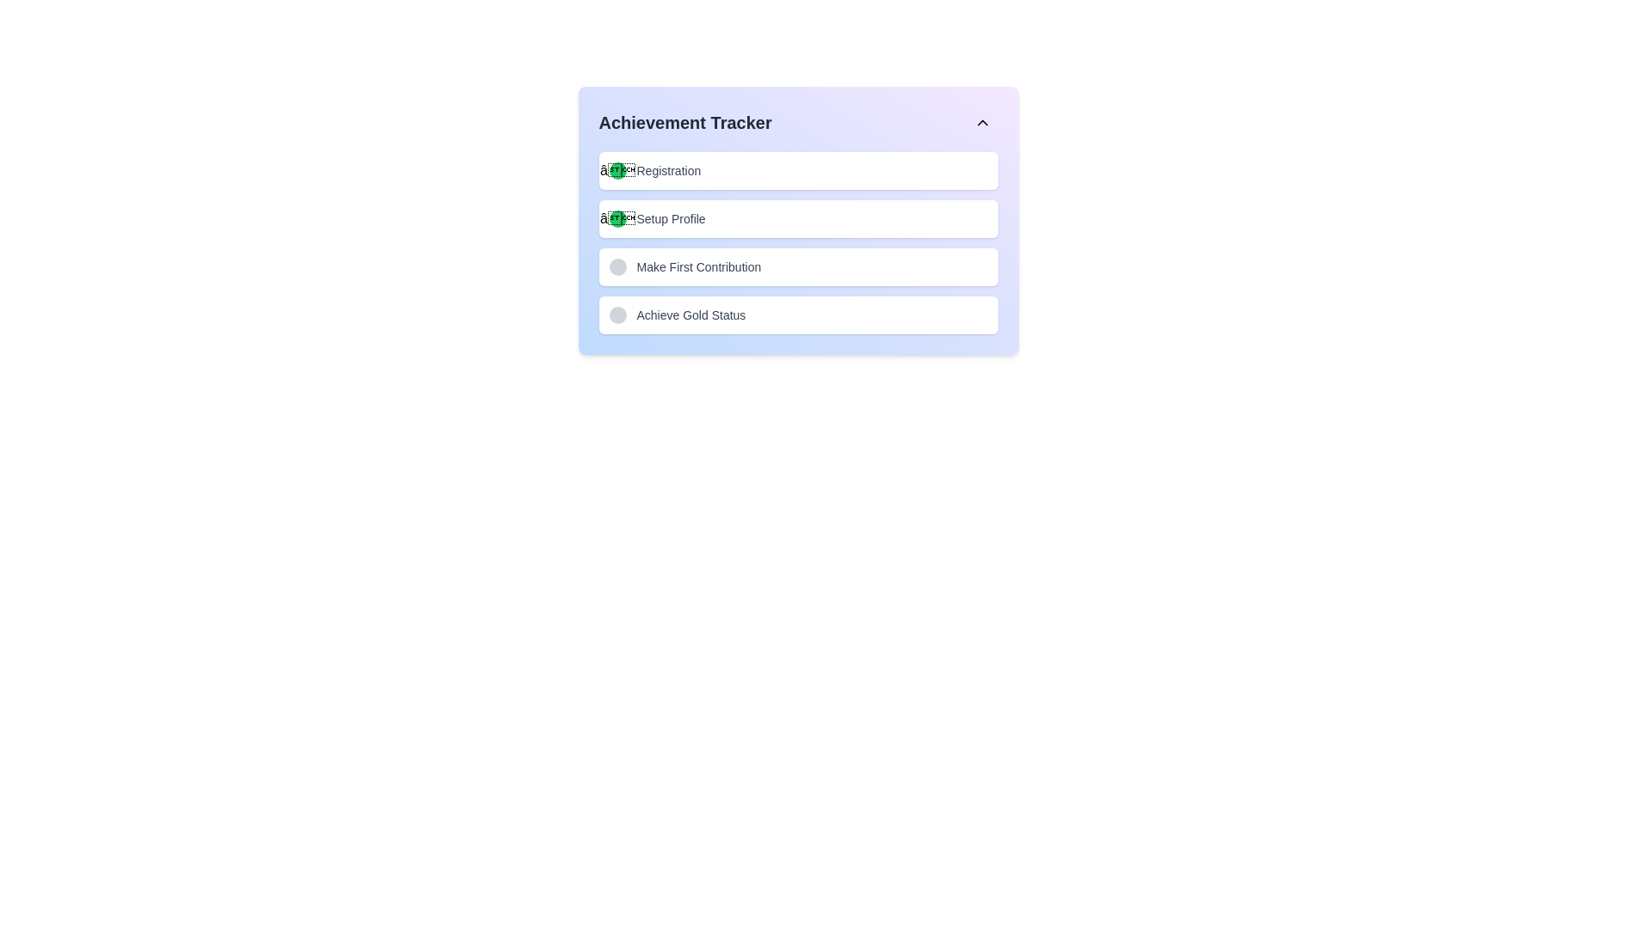 This screenshot has width=1651, height=928. What do you see at coordinates (982, 121) in the screenshot?
I see `the interactive button located to the far right of the 'Achievement Tracker' section` at bounding box center [982, 121].